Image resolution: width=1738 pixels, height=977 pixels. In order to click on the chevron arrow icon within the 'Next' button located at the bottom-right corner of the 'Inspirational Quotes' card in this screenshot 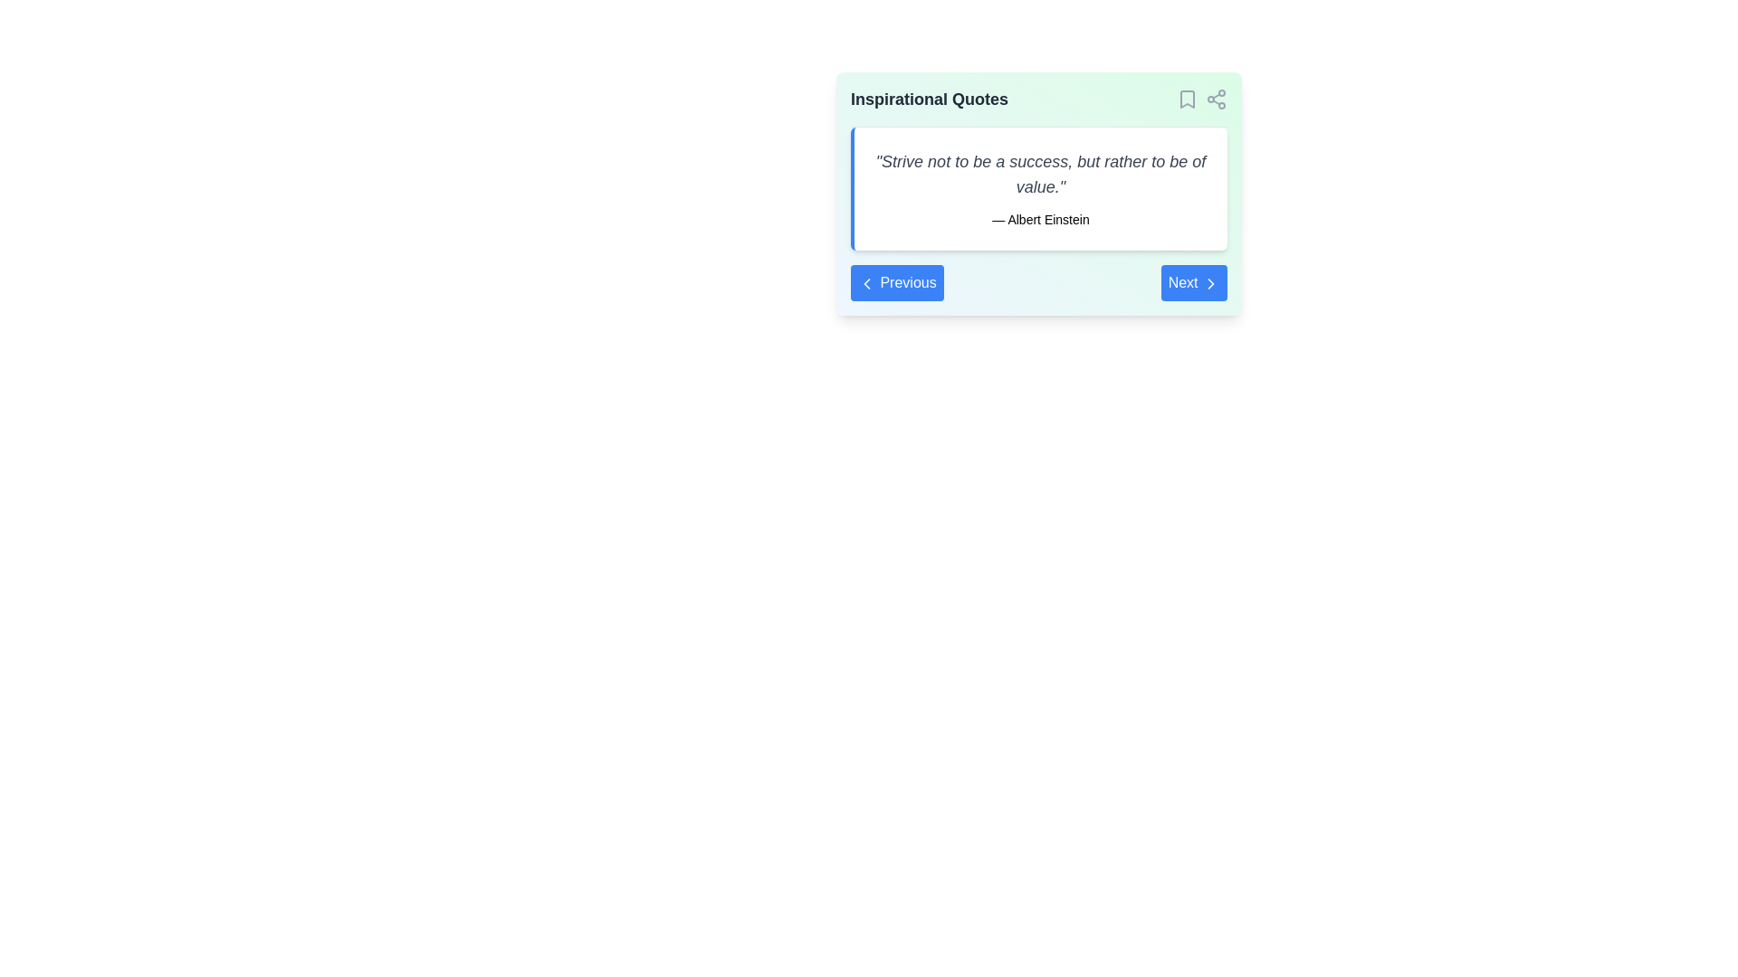, I will do `click(1211, 282)`.